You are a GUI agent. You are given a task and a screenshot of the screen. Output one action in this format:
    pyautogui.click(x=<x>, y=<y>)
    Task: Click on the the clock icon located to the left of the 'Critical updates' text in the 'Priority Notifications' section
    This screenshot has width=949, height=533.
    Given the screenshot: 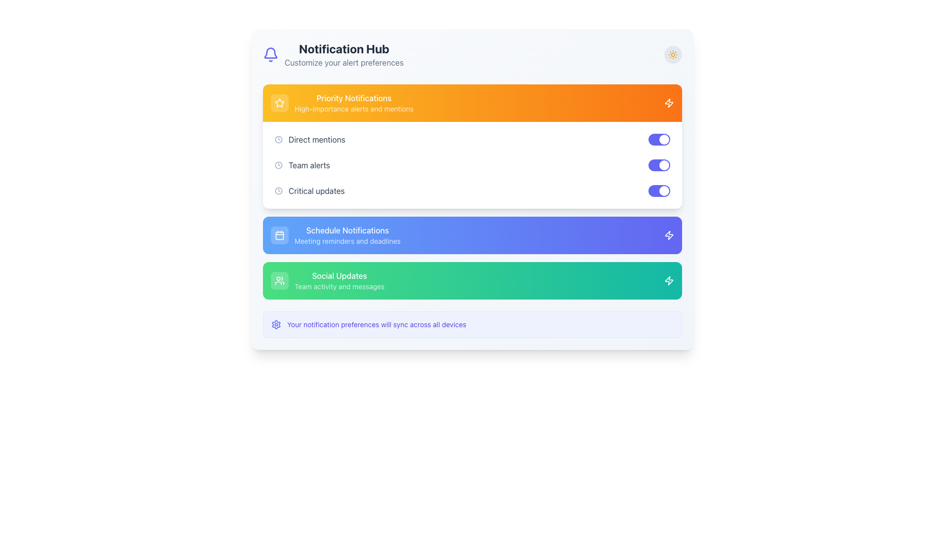 What is the action you would take?
    pyautogui.click(x=278, y=190)
    